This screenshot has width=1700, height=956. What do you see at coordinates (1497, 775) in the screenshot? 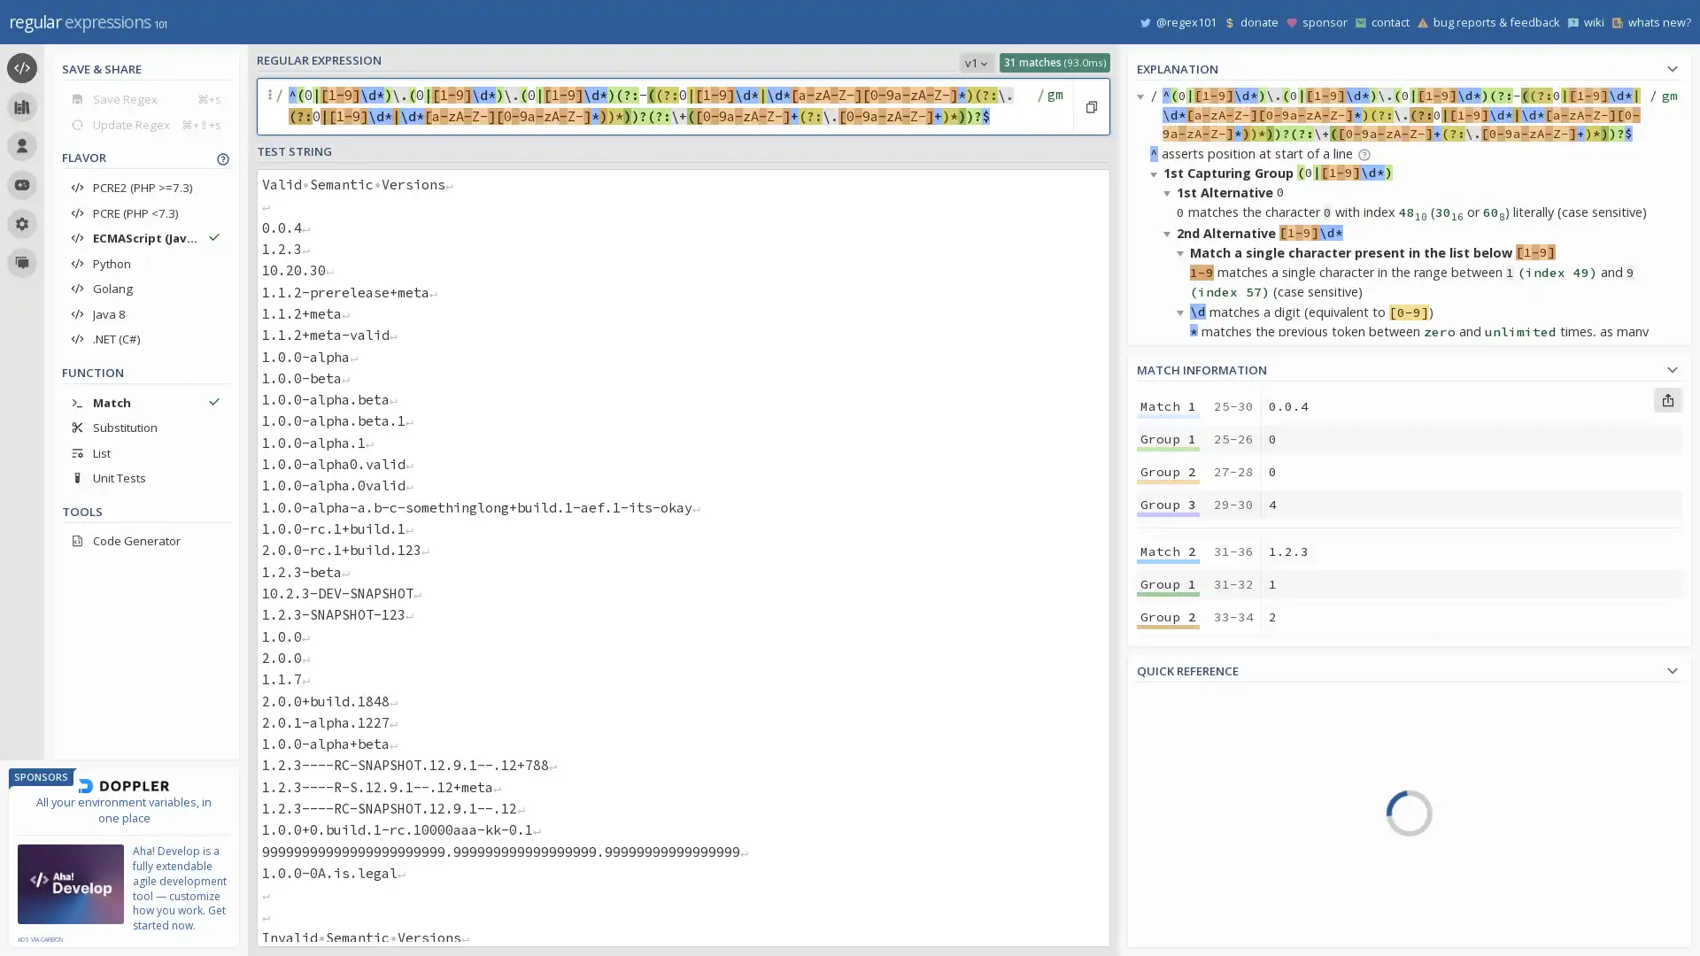
I see `A character not in the range: a-z [^a-z]` at bounding box center [1497, 775].